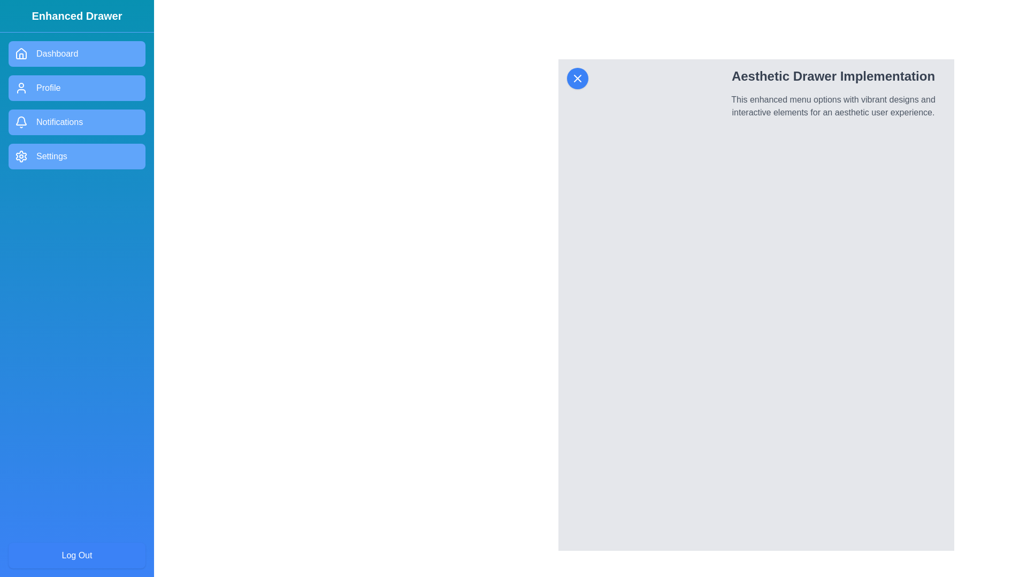 Image resolution: width=1027 pixels, height=577 pixels. Describe the element at coordinates (21, 121) in the screenshot. I see `the notification icon located in the 'Notifications' menu, which is the third item in the vertical sidebar navigation menu` at that location.